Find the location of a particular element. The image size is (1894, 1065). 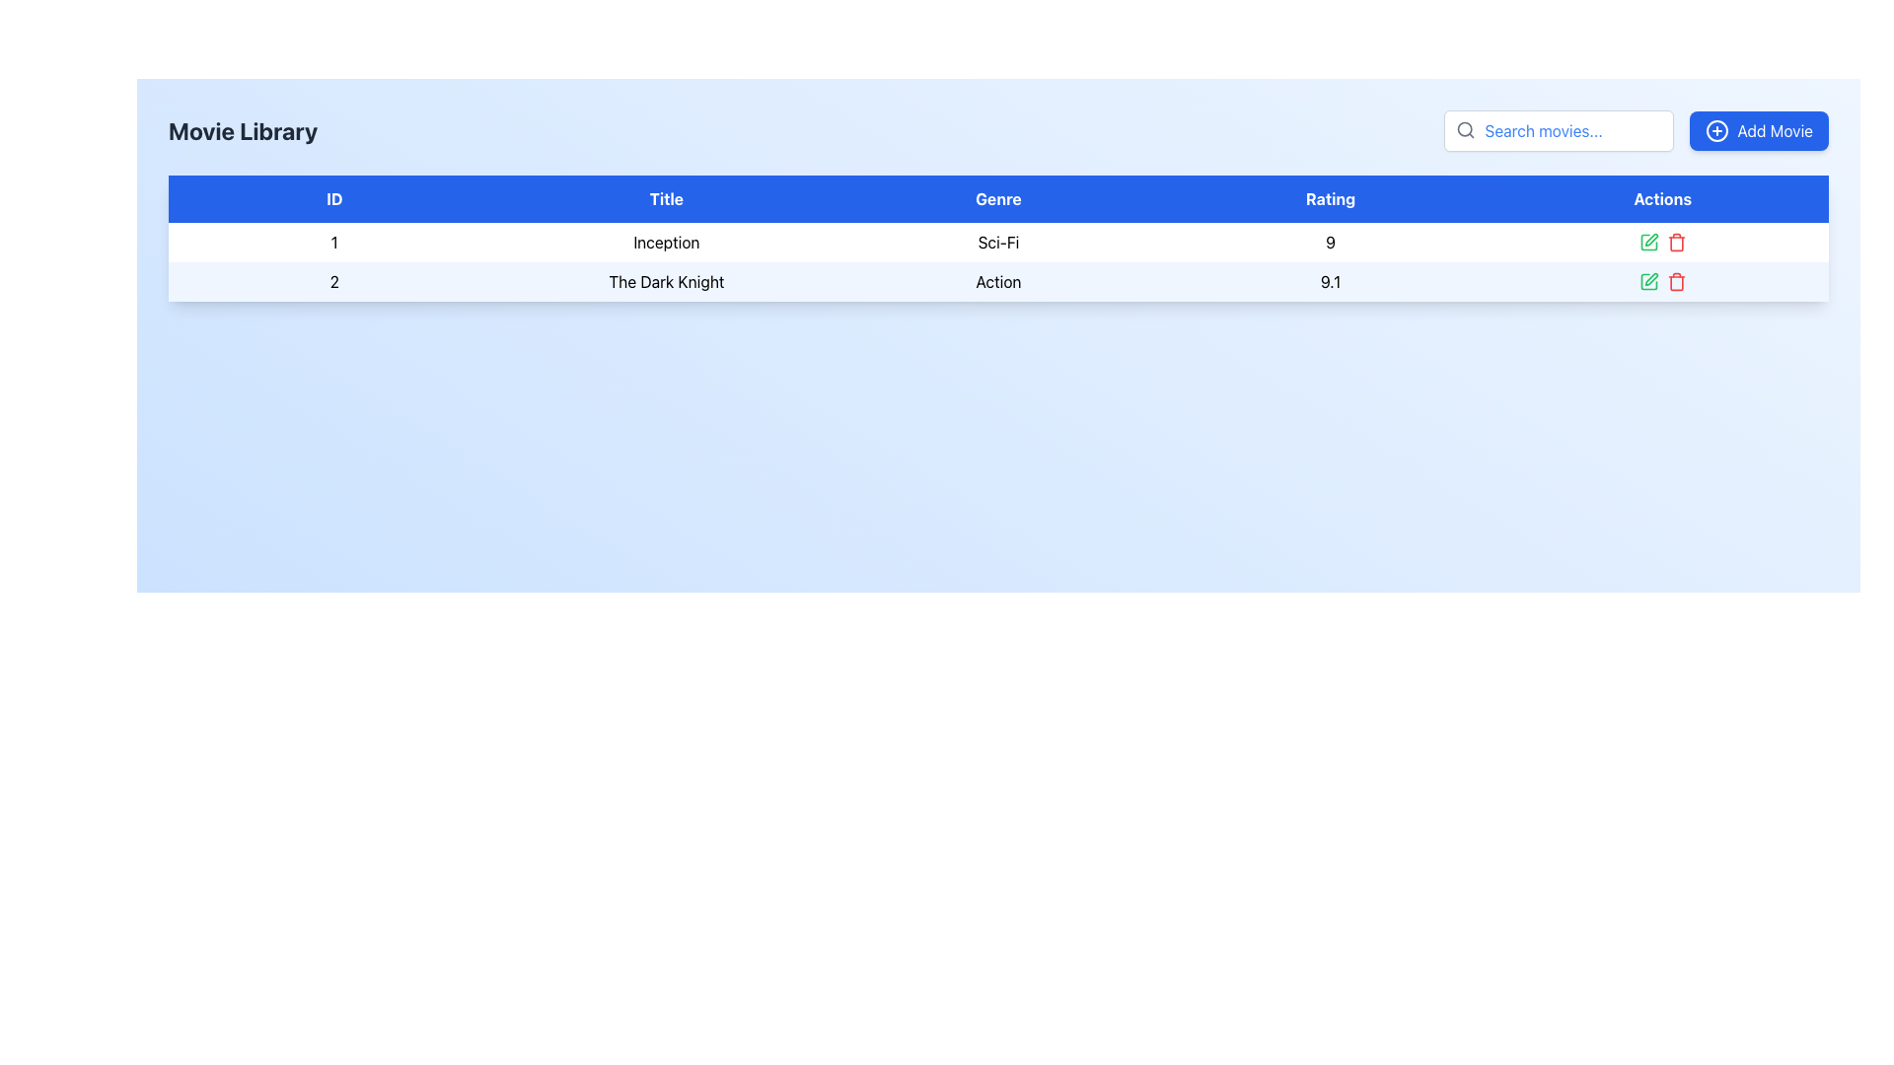

the 'Title' column header in the table, which is positioned between the 'ID' and 'Genre' columns is located at coordinates (666, 198).